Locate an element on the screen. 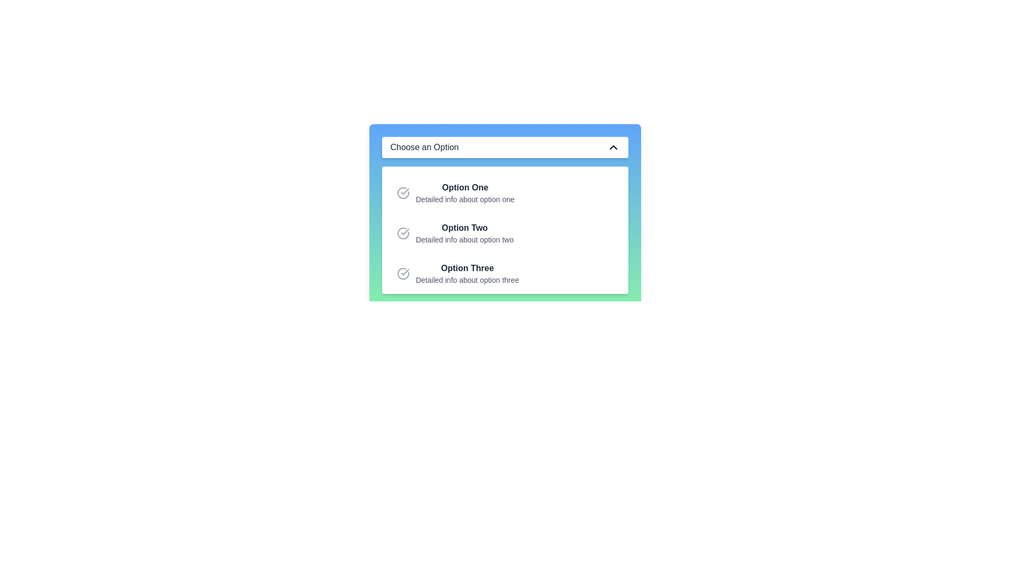 The height and width of the screenshot is (573, 1019). the descriptive text label for 'Option Two', which provides additional information about this option in the dropdown menu is located at coordinates (464, 239).